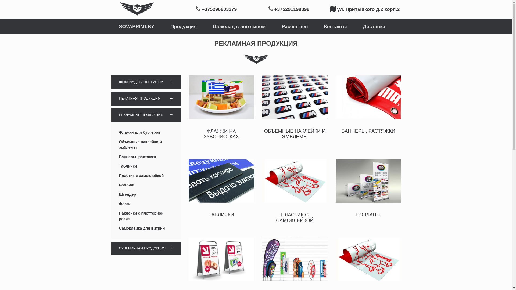 The width and height of the screenshot is (516, 290). Describe the element at coordinates (137, 27) in the screenshot. I see `'SOVAPRINT.BY'` at that location.